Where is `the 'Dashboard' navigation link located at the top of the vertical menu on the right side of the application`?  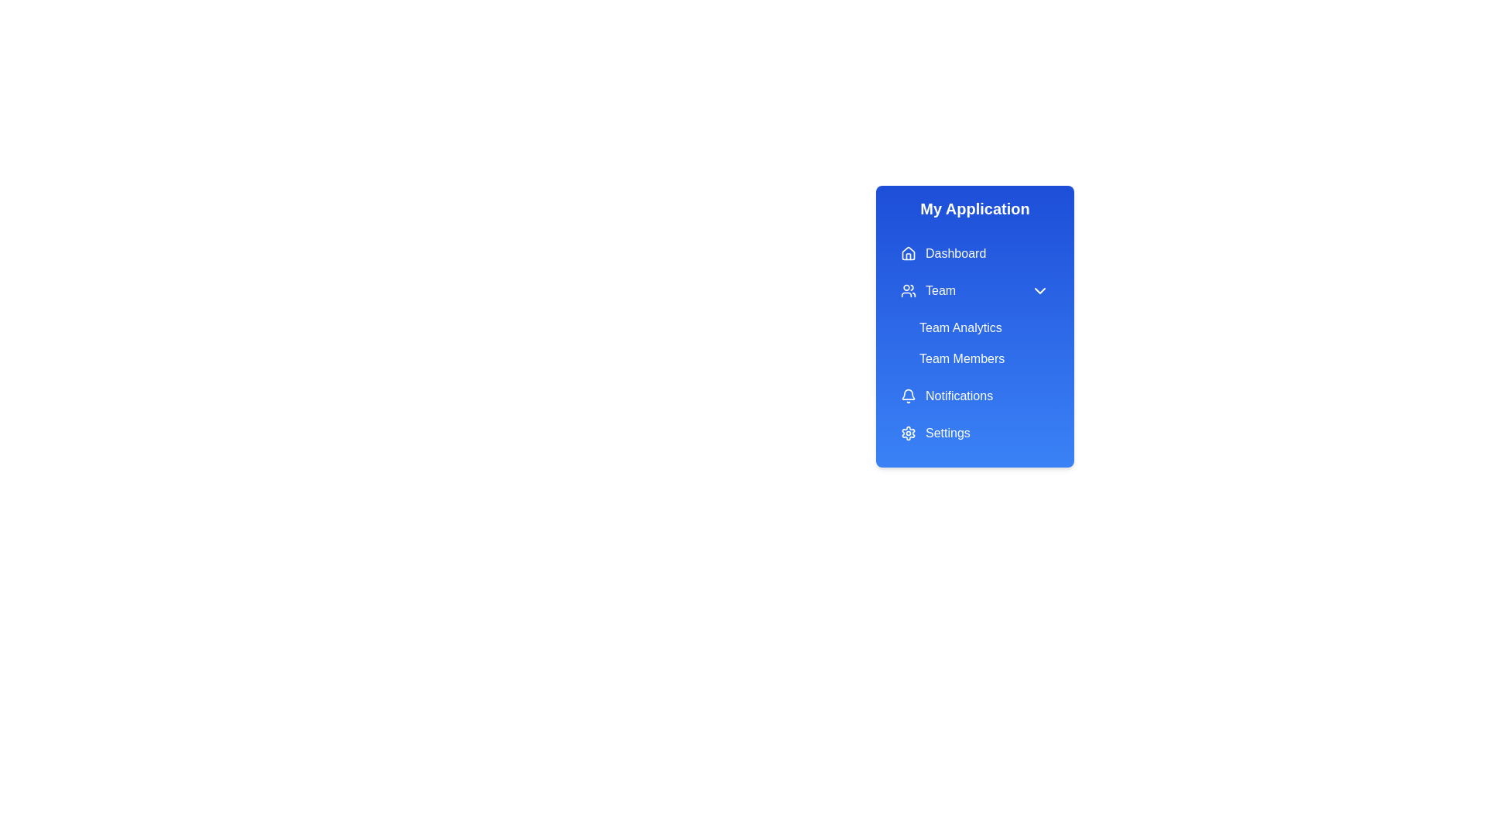
the 'Dashboard' navigation link located at the top of the vertical menu on the right side of the application is located at coordinates (943, 252).